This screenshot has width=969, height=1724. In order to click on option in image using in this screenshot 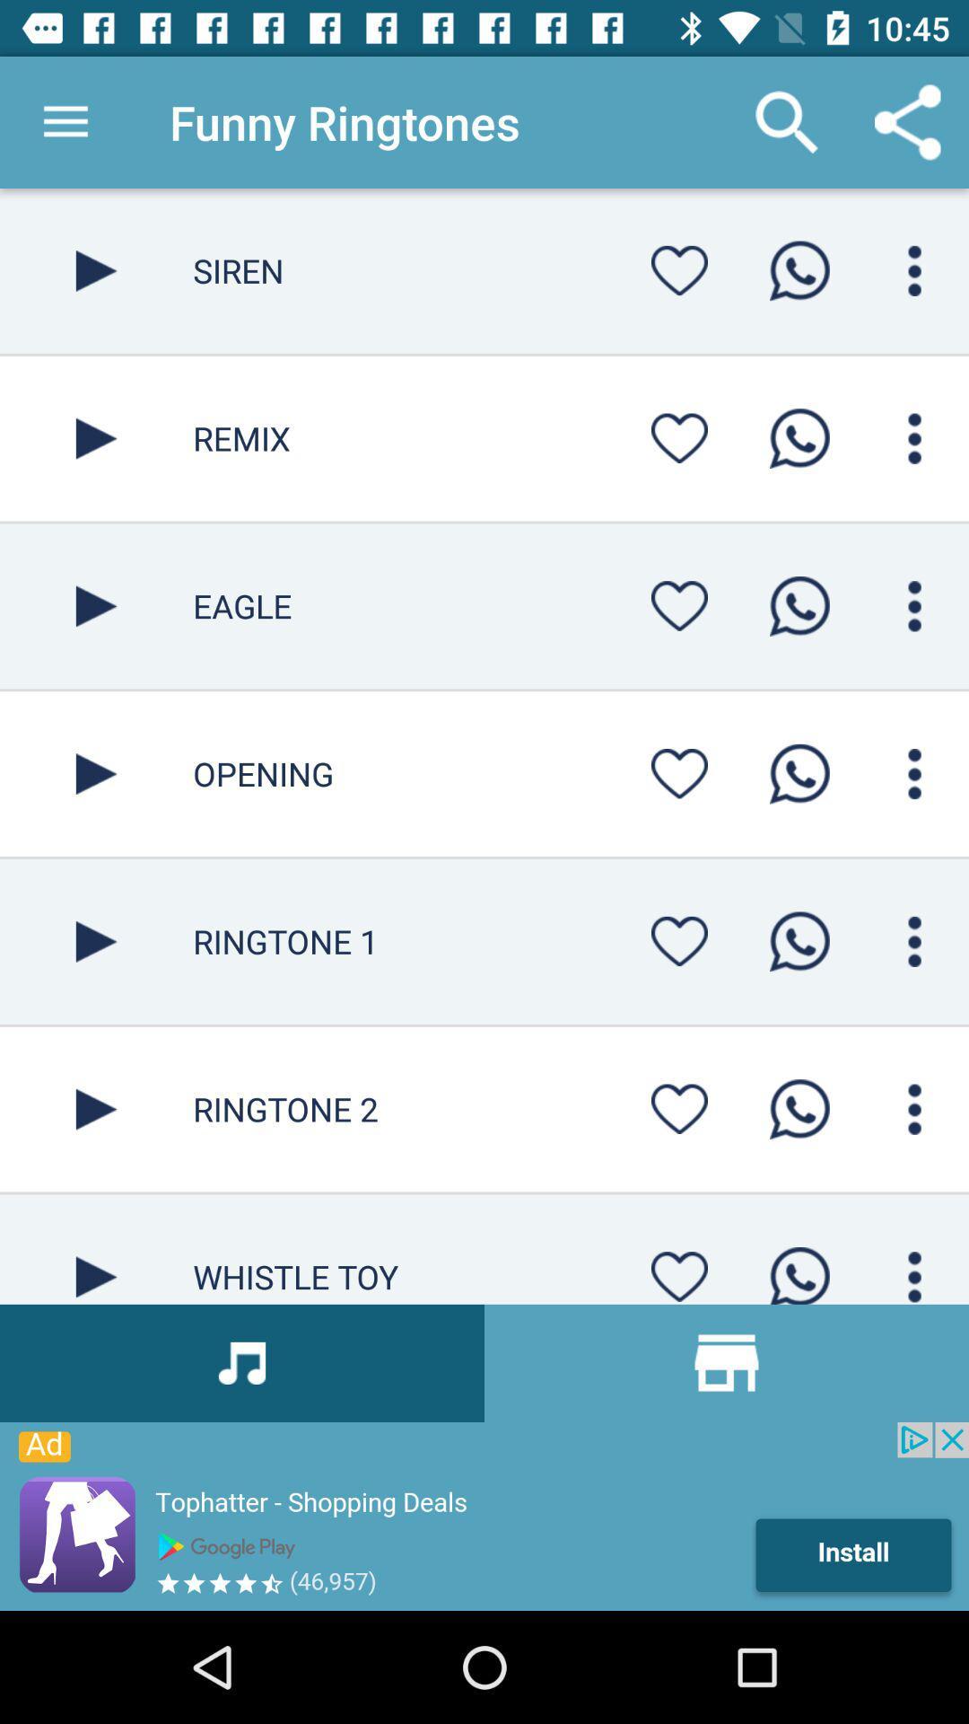, I will do `click(679, 940)`.